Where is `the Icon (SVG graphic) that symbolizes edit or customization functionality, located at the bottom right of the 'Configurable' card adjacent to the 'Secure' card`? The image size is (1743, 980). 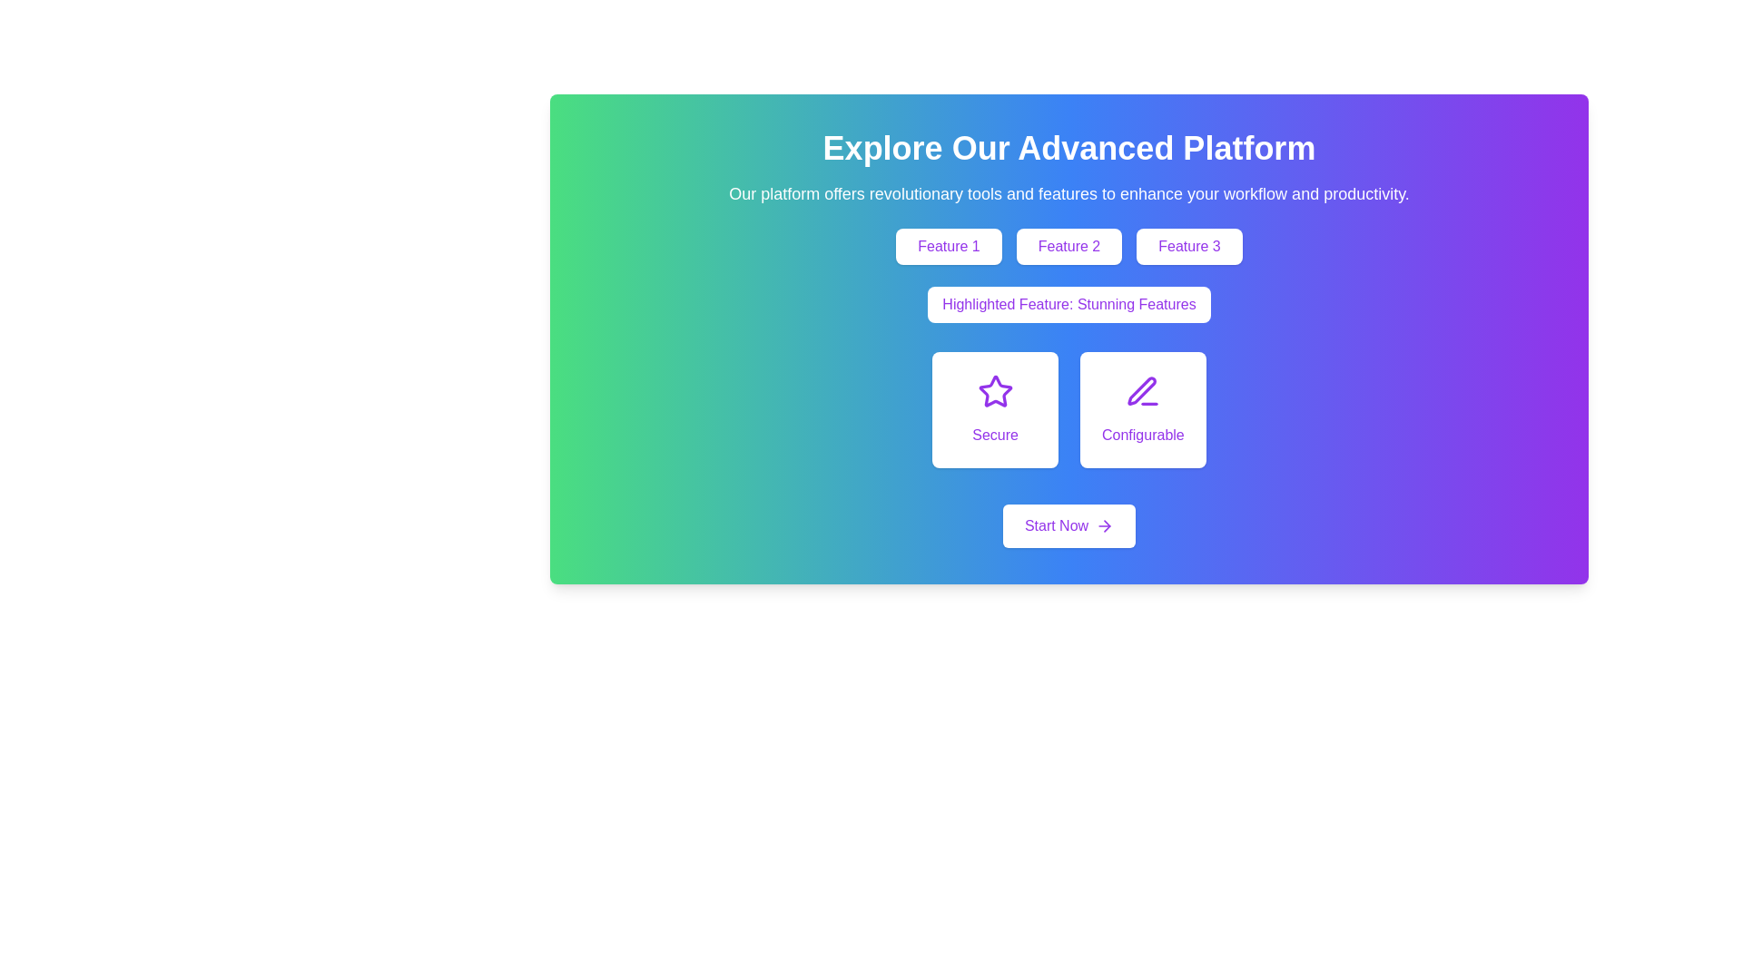 the Icon (SVG graphic) that symbolizes edit or customization functionality, located at the bottom right of the 'Configurable' card adjacent to the 'Secure' card is located at coordinates (1141, 390).